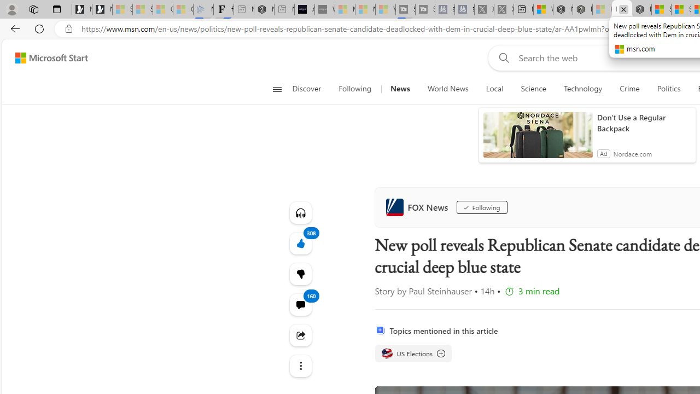 The image size is (700, 394). I want to click on 'Technology', so click(582, 89).